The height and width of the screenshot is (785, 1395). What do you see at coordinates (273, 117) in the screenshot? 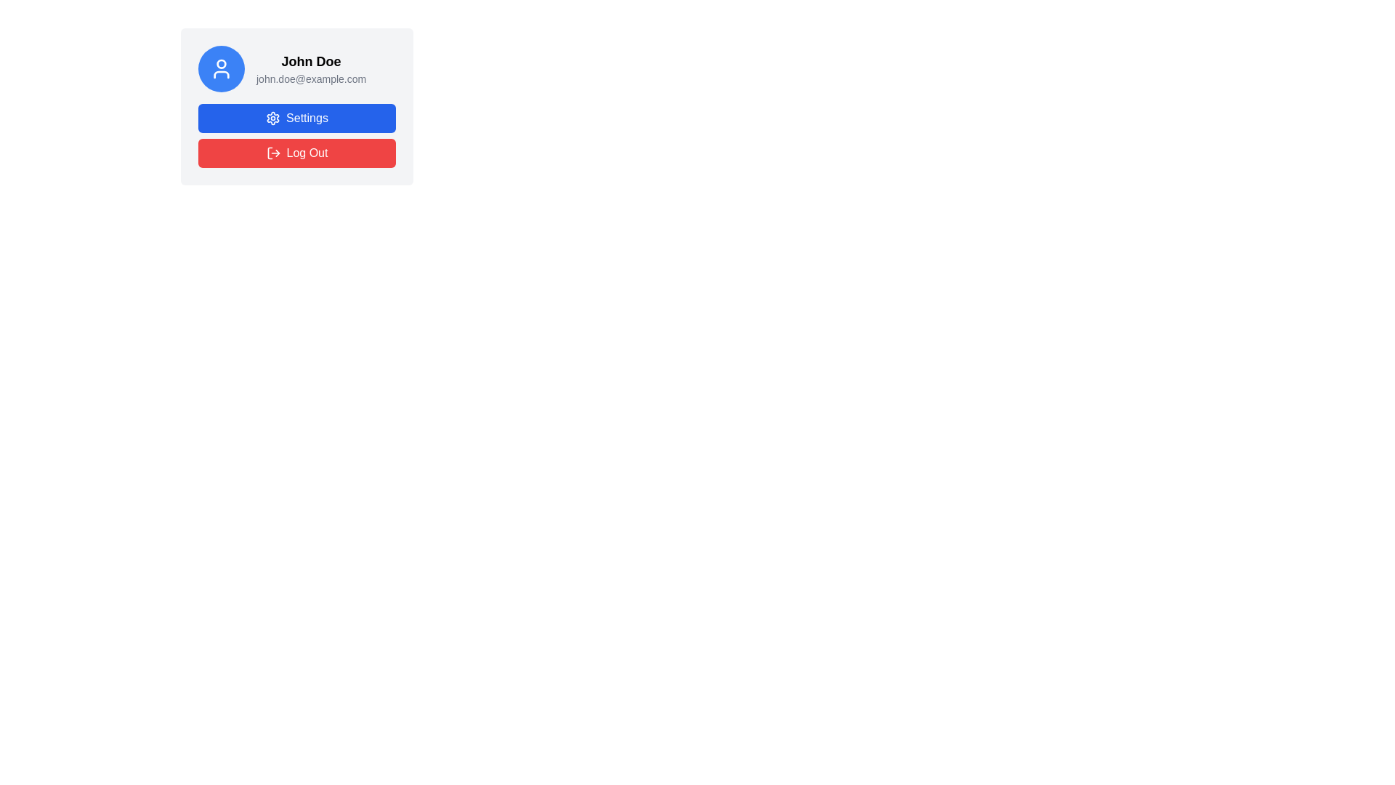
I see `the settings icon that represents configuration options, located to the left of the 'Settings' text` at bounding box center [273, 117].